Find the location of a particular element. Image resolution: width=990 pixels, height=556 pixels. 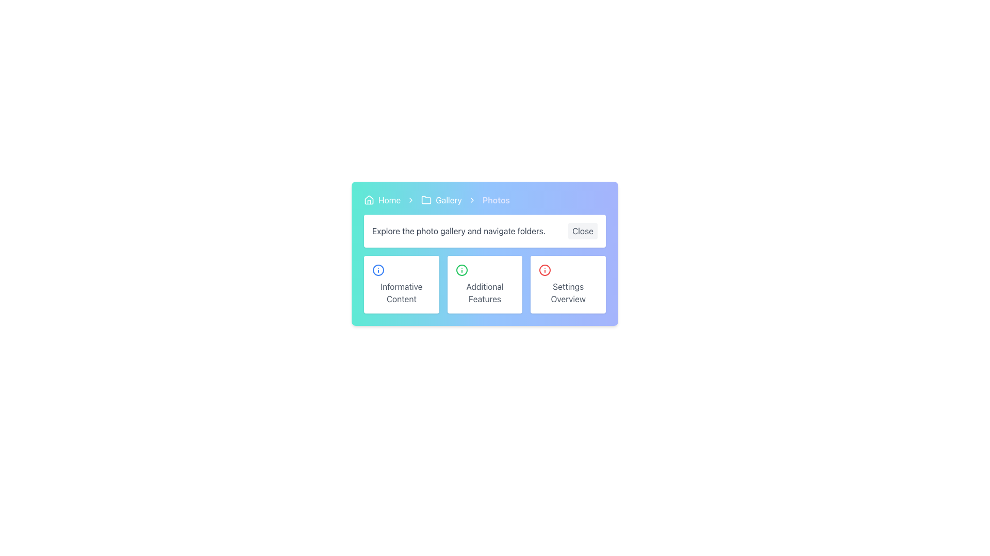

the folder icon located to the left of the 'Gallery' text in the breadcrumb navigation bar is located at coordinates (426, 200).